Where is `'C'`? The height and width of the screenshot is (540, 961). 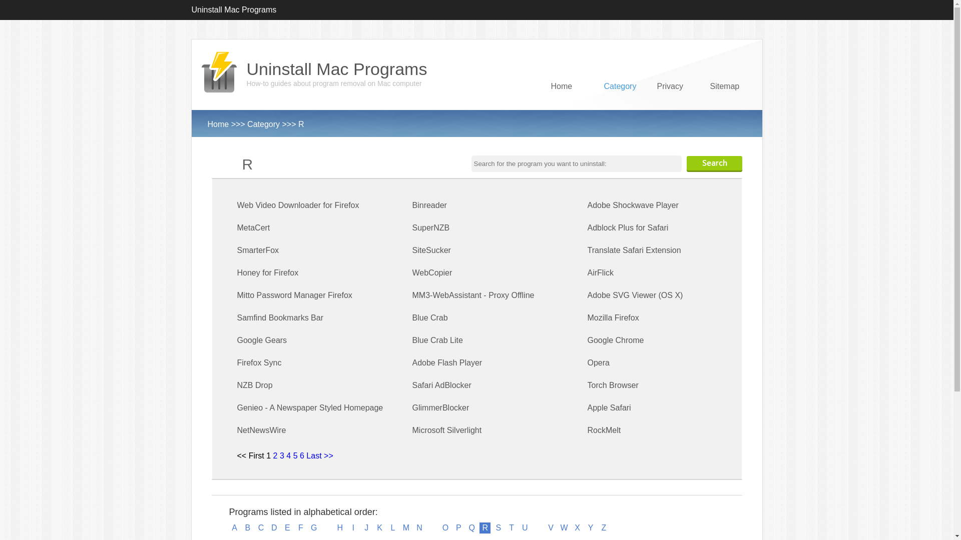
'C' is located at coordinates (261, 527).